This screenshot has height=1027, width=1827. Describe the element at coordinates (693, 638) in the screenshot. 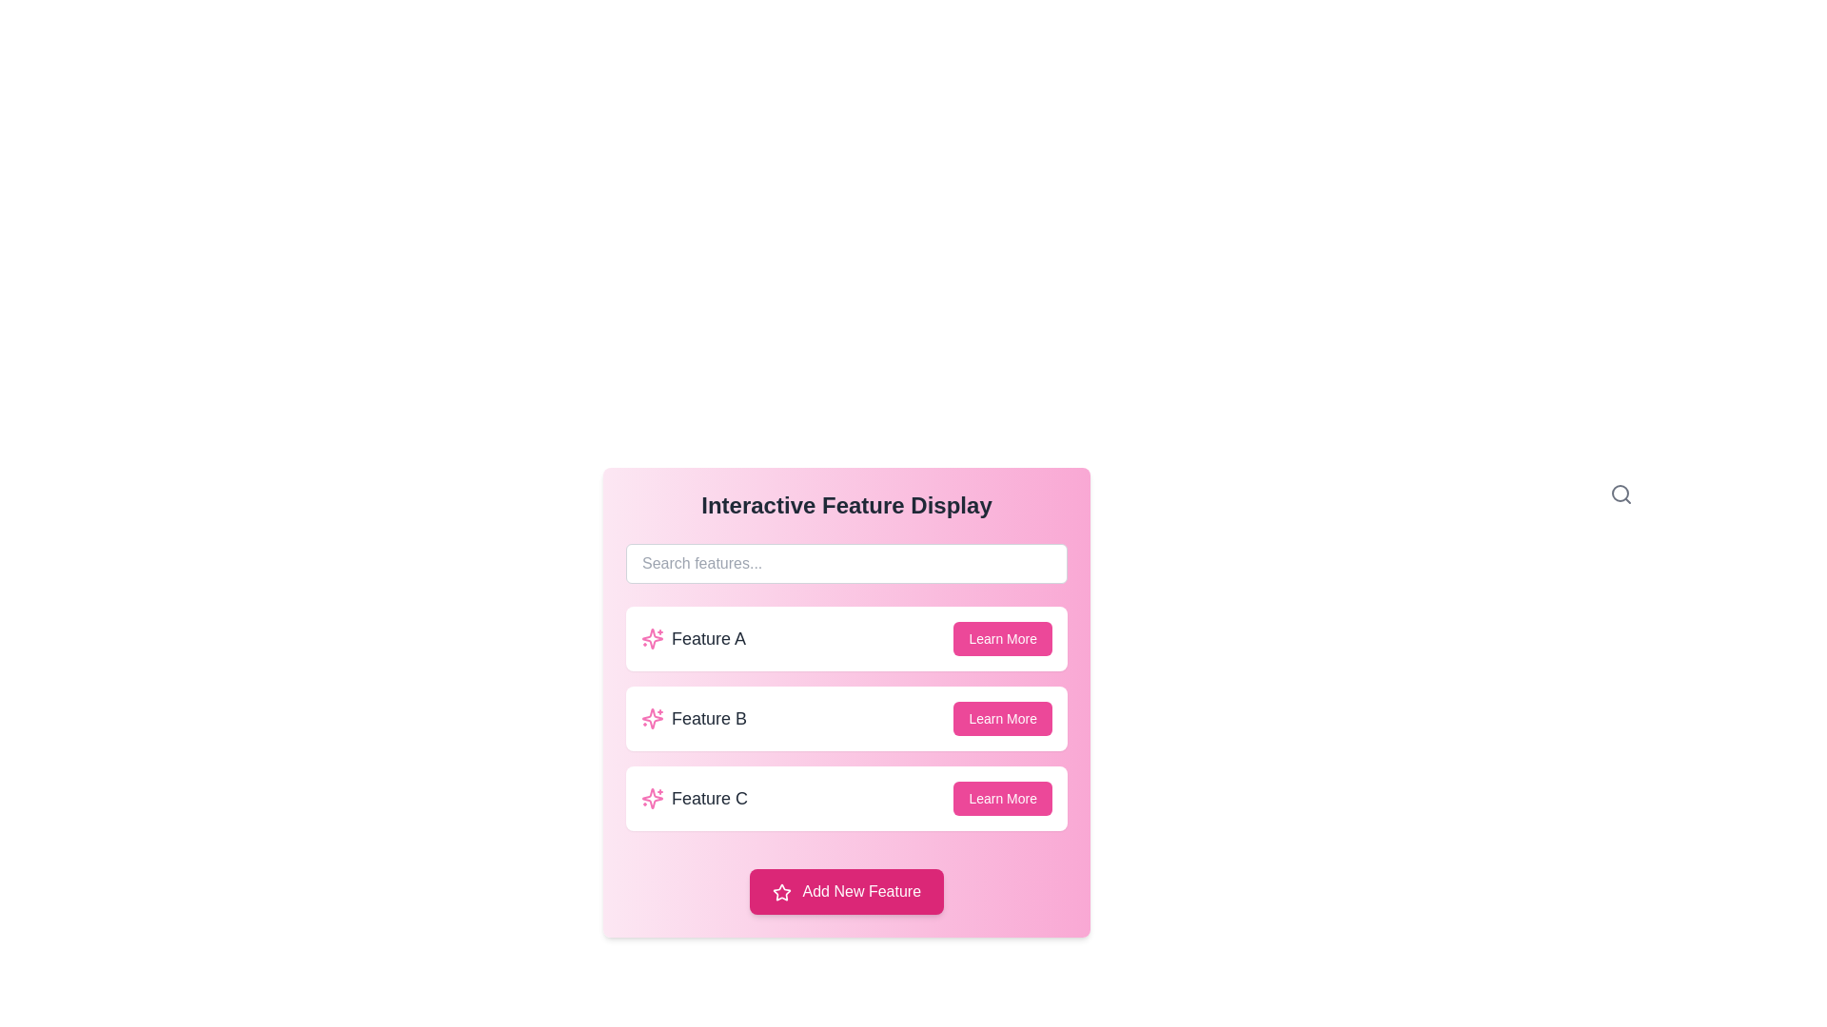

I see `the text label 'Feature A' which is styled in bold gray font and is accompanied by a pink star icon` at that location.